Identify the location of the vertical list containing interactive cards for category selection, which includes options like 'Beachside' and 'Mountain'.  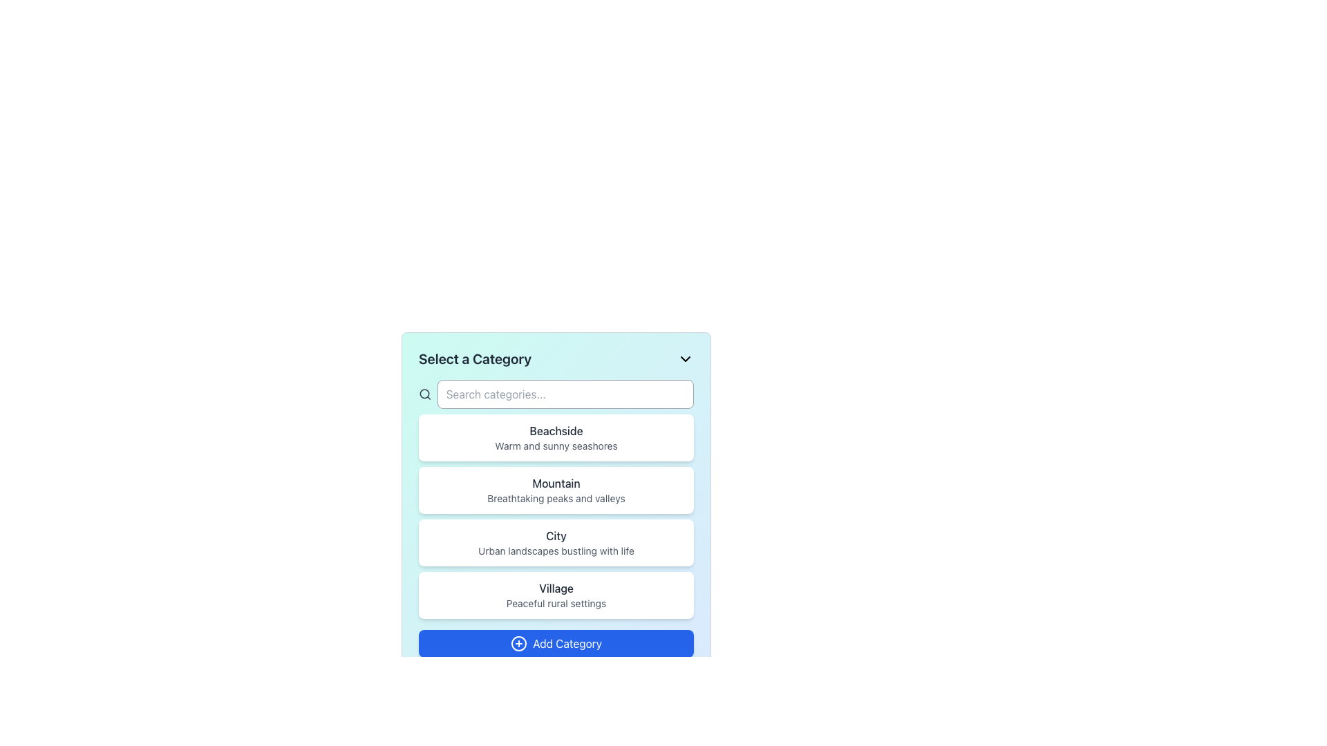
(556, 517).